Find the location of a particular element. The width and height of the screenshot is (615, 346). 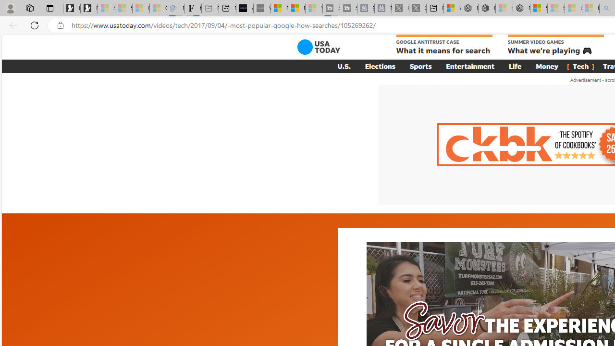

'Elections' is located at coordinates (380, 65).